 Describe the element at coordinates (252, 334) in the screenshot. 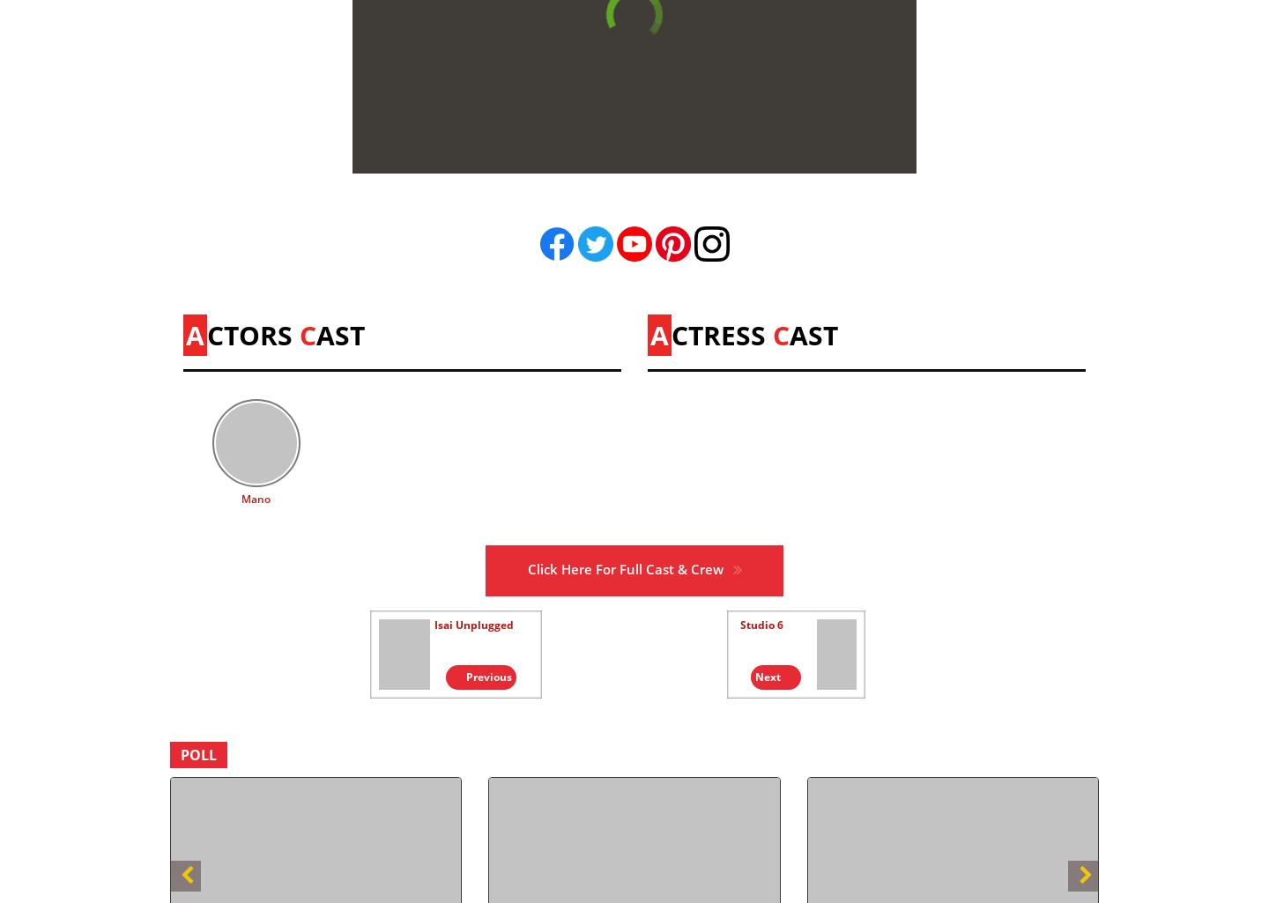

I see `'CTORS'` at that location.